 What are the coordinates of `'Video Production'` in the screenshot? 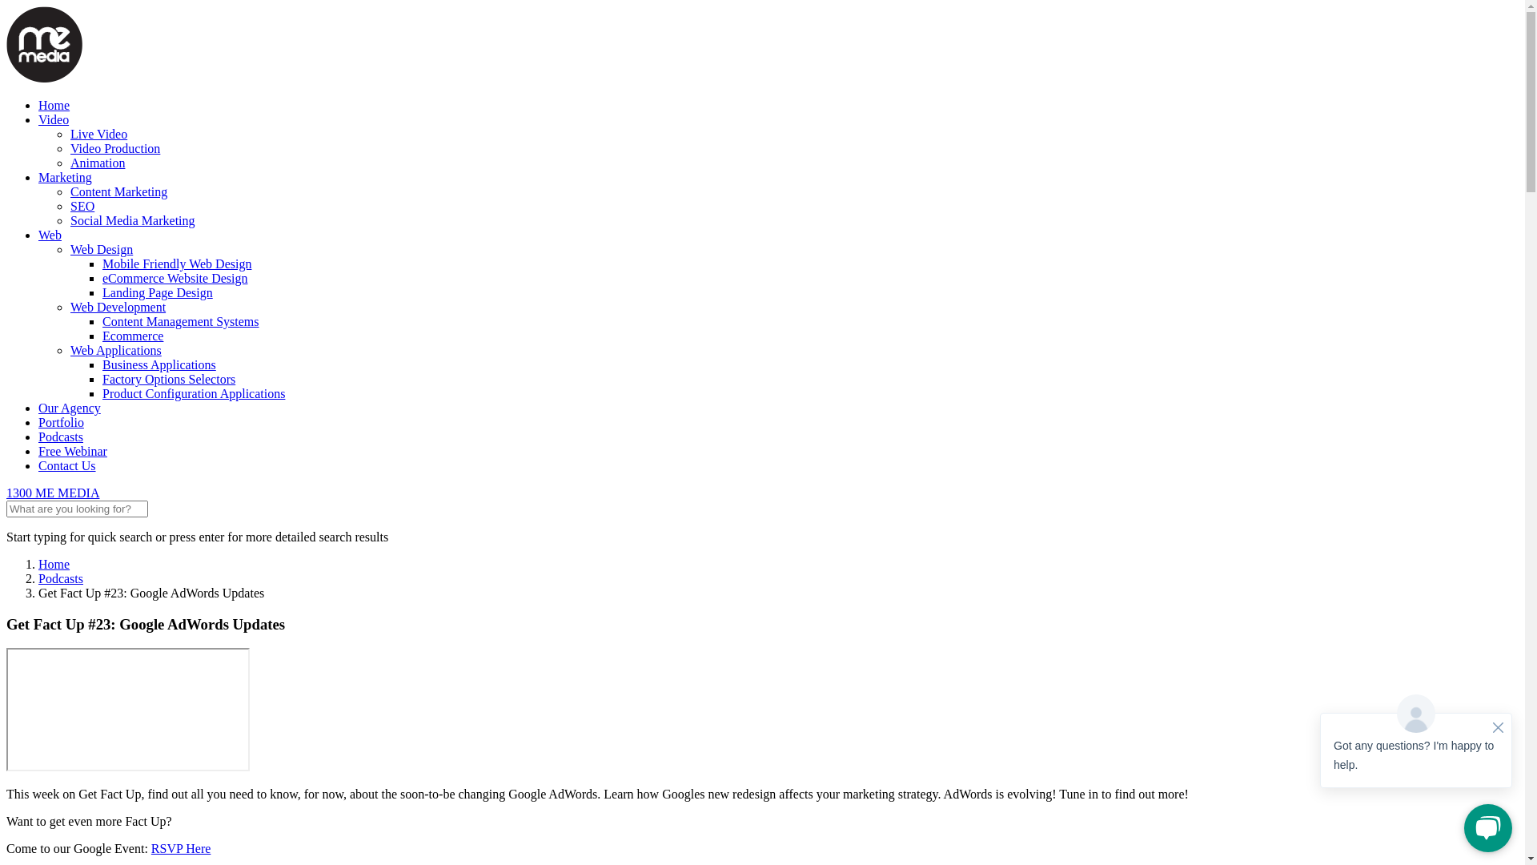 It's located at (114, 148).